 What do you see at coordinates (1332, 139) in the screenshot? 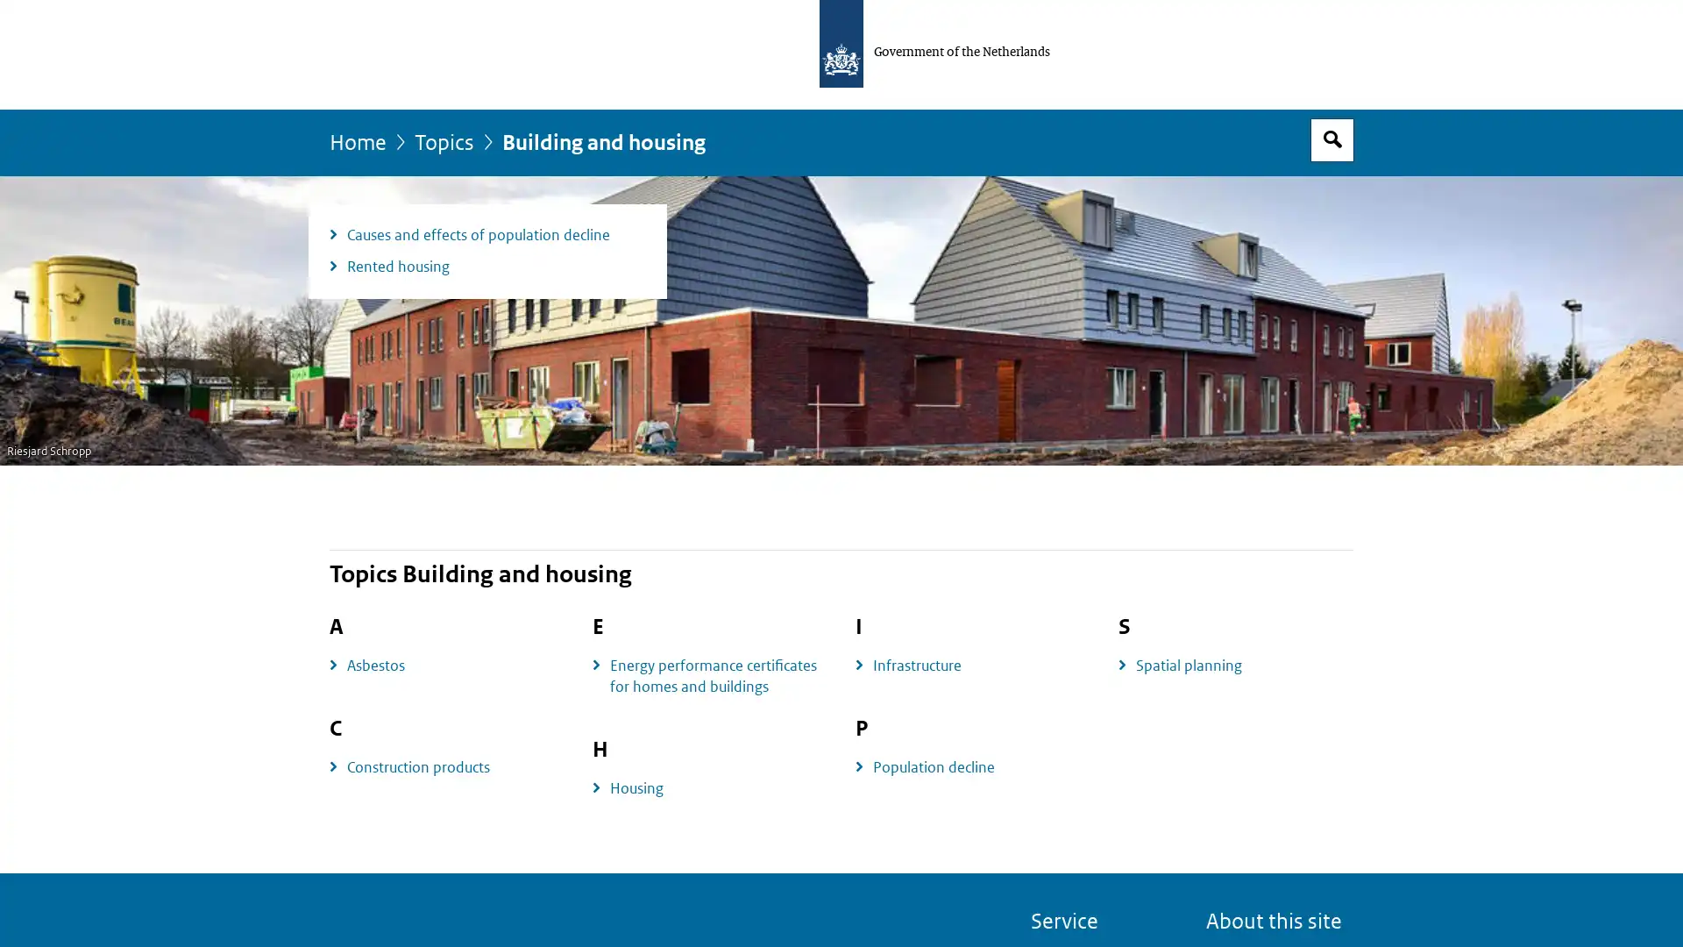
I see `Open search box` at bounding box center [1332, 139].